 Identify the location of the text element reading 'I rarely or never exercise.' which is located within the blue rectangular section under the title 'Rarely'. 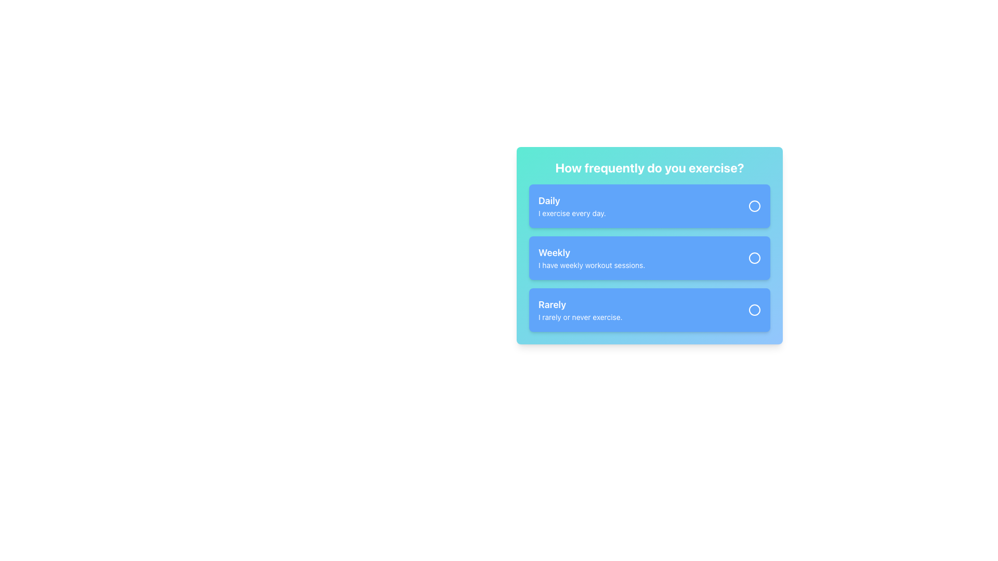
(580, 316).